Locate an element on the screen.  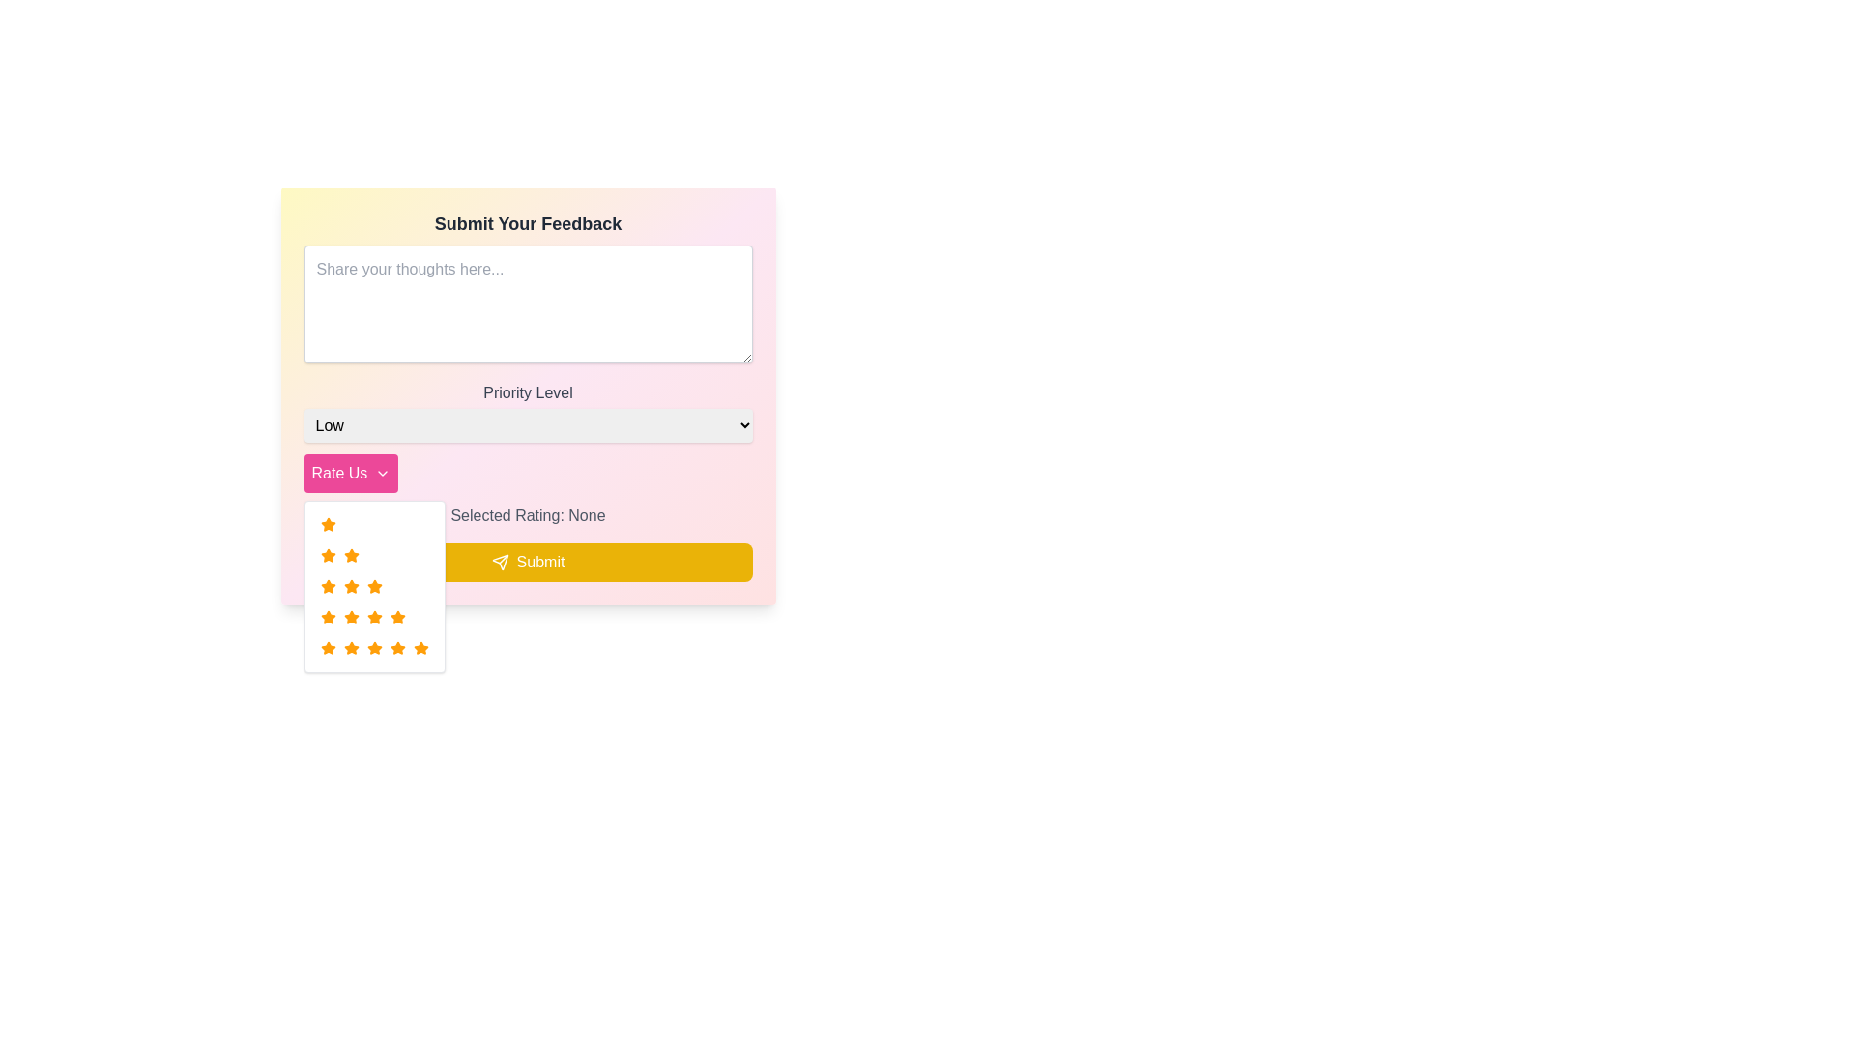
the decorative send icon located inside the orange 'Submit' button in the feedback submission form is located at coordinates (500, 563).